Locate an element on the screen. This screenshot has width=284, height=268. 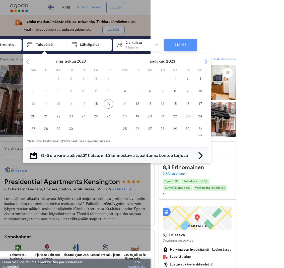
'Sijaitsee kohteen Lontoo sydämessä' is located at coordinates (47, 259).